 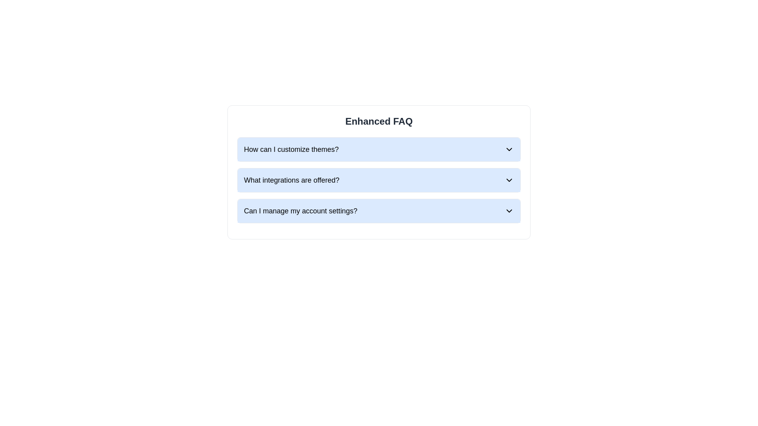 What do you see at coordinates (379, 180) in the screenshot?
I see `the 'What integrations are offered?' dropdown tab in the FAQ section` at bounding box center [379, 180].